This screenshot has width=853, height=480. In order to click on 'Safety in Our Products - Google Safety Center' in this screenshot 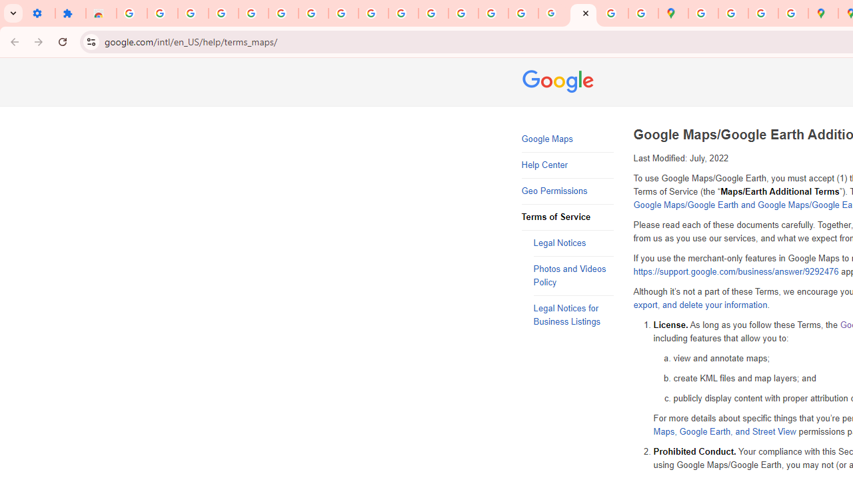, I will do `click(793, 13)`.